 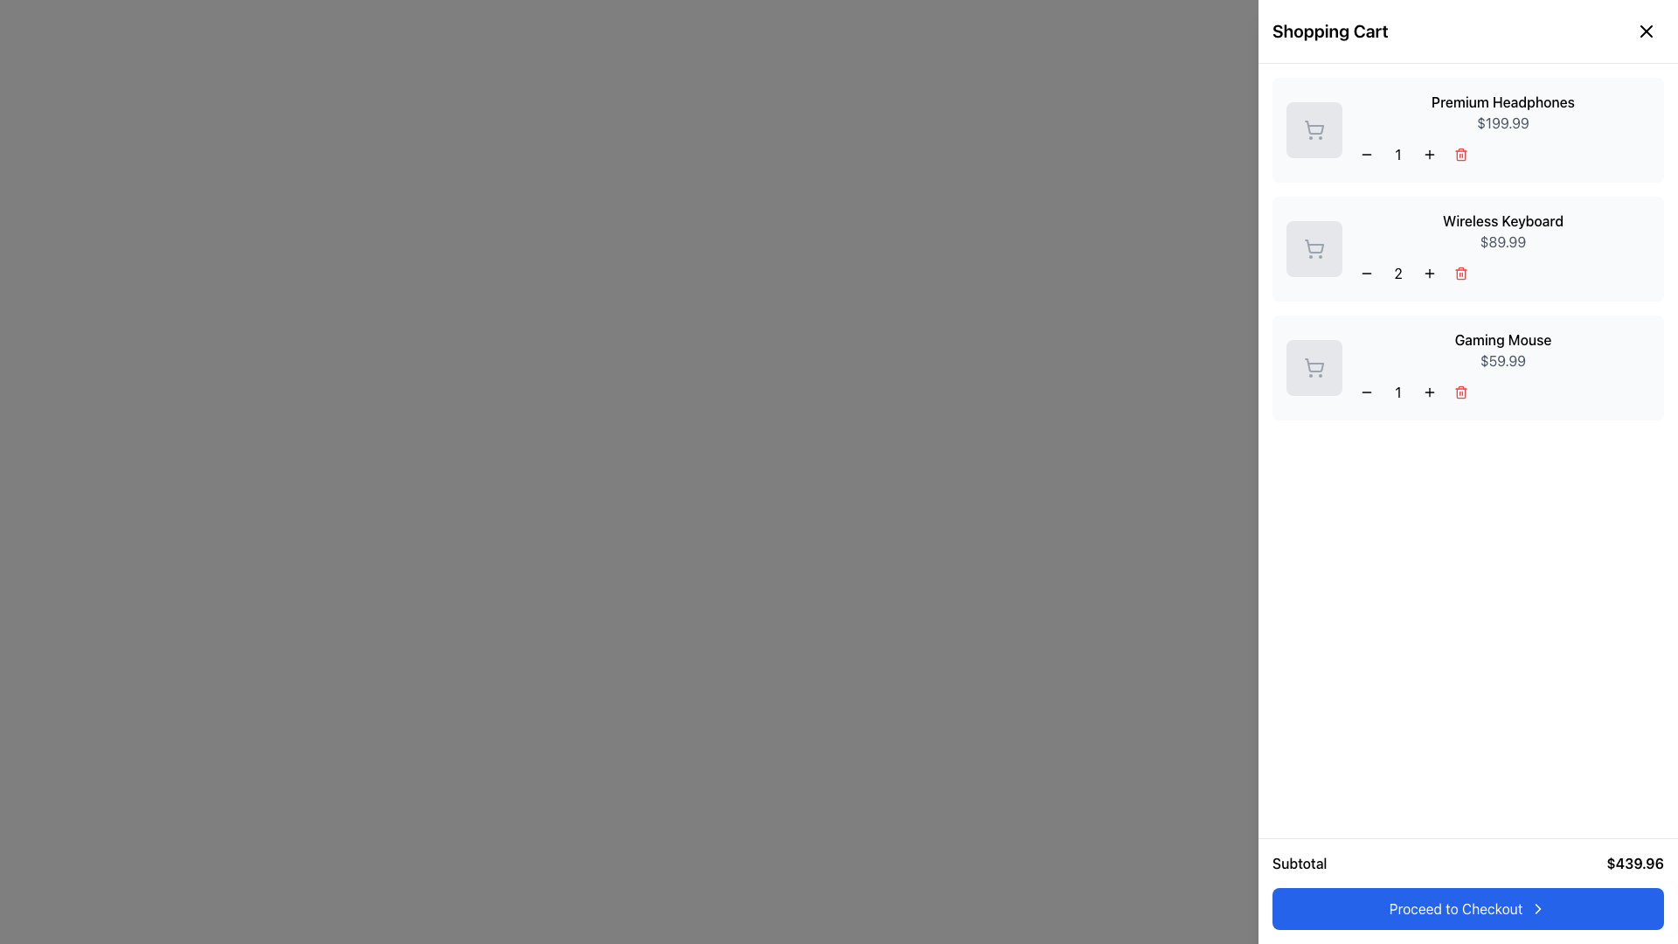 I want to click on the red trash can icon, so click(x=1460, y=154).